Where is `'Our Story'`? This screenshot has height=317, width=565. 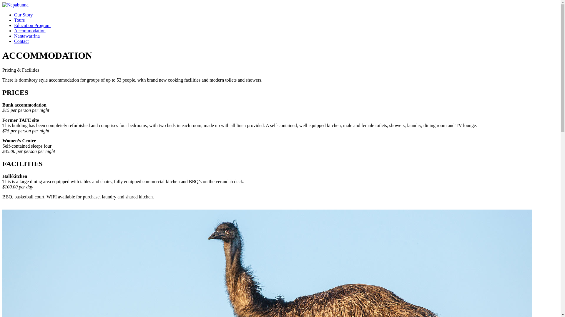 'Our Story' is located at coordinates (24, 14).